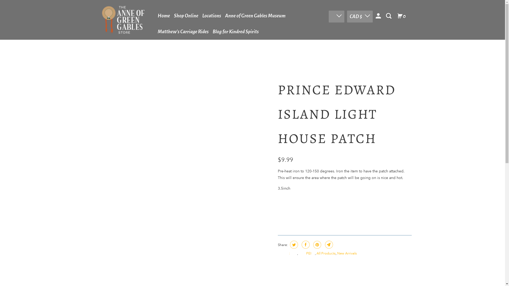  Describe the element at coordinates (401, 16) in the screenshot. I see `'0'` at that location.